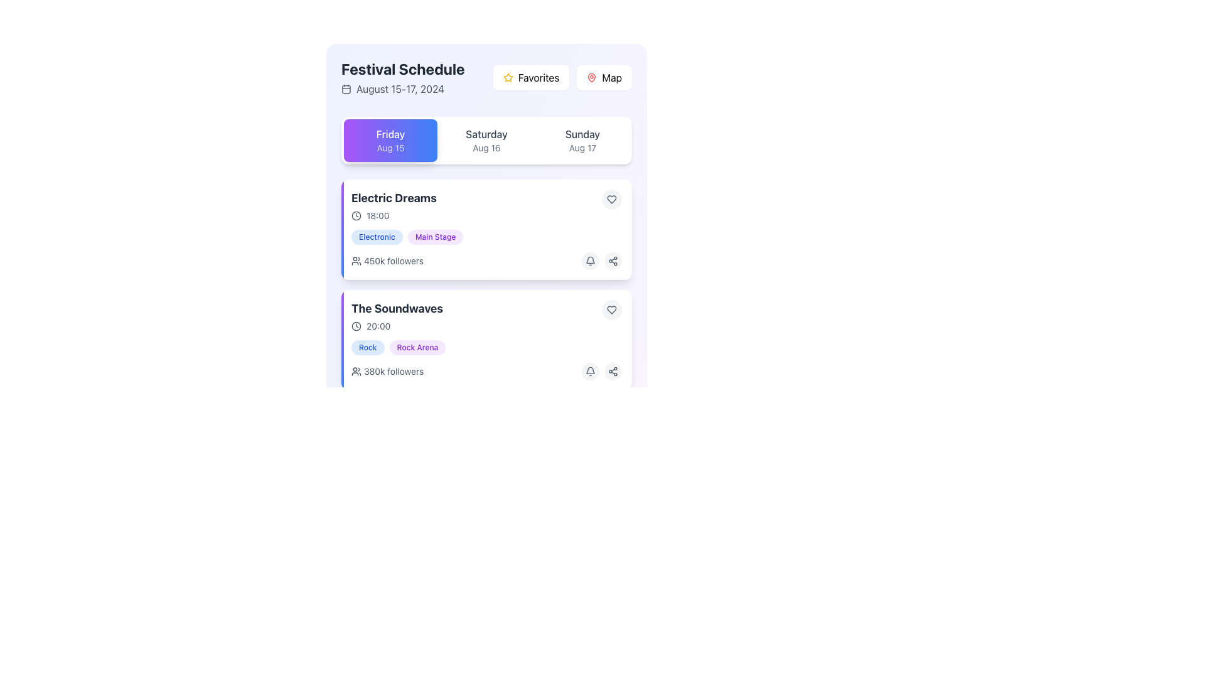 This screenshot has height=678, width=1205. What do you see at coordinates (611, 198) in the screenshot?
I see `the circular button with a heart icon in the top-right corner of the 'Electric Dreams' event card` at bounding box center [611, 198].